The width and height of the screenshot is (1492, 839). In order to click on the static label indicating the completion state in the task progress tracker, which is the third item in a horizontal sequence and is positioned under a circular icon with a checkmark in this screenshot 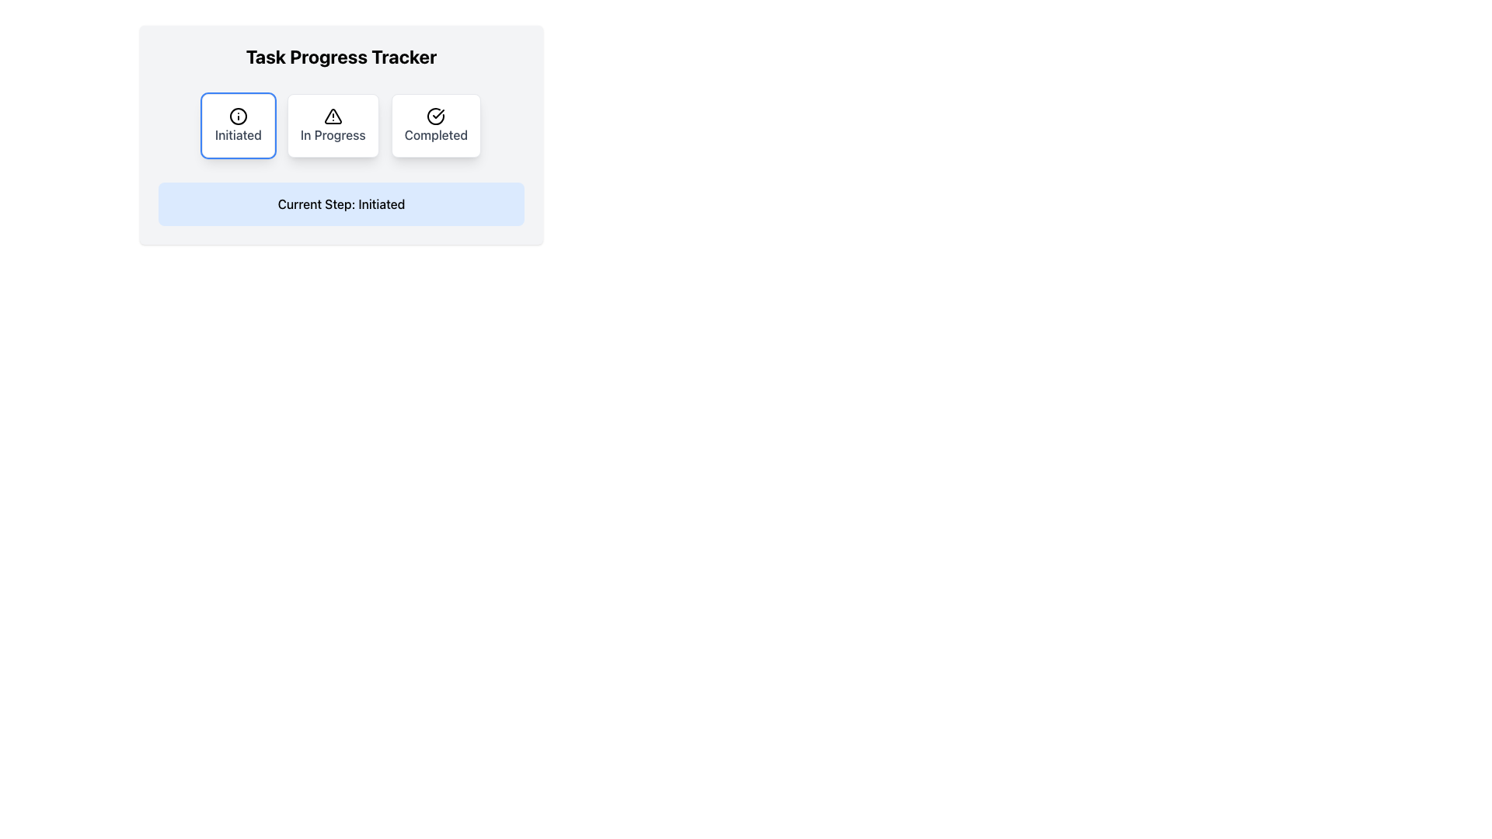, I will do `click(435, 134)`.